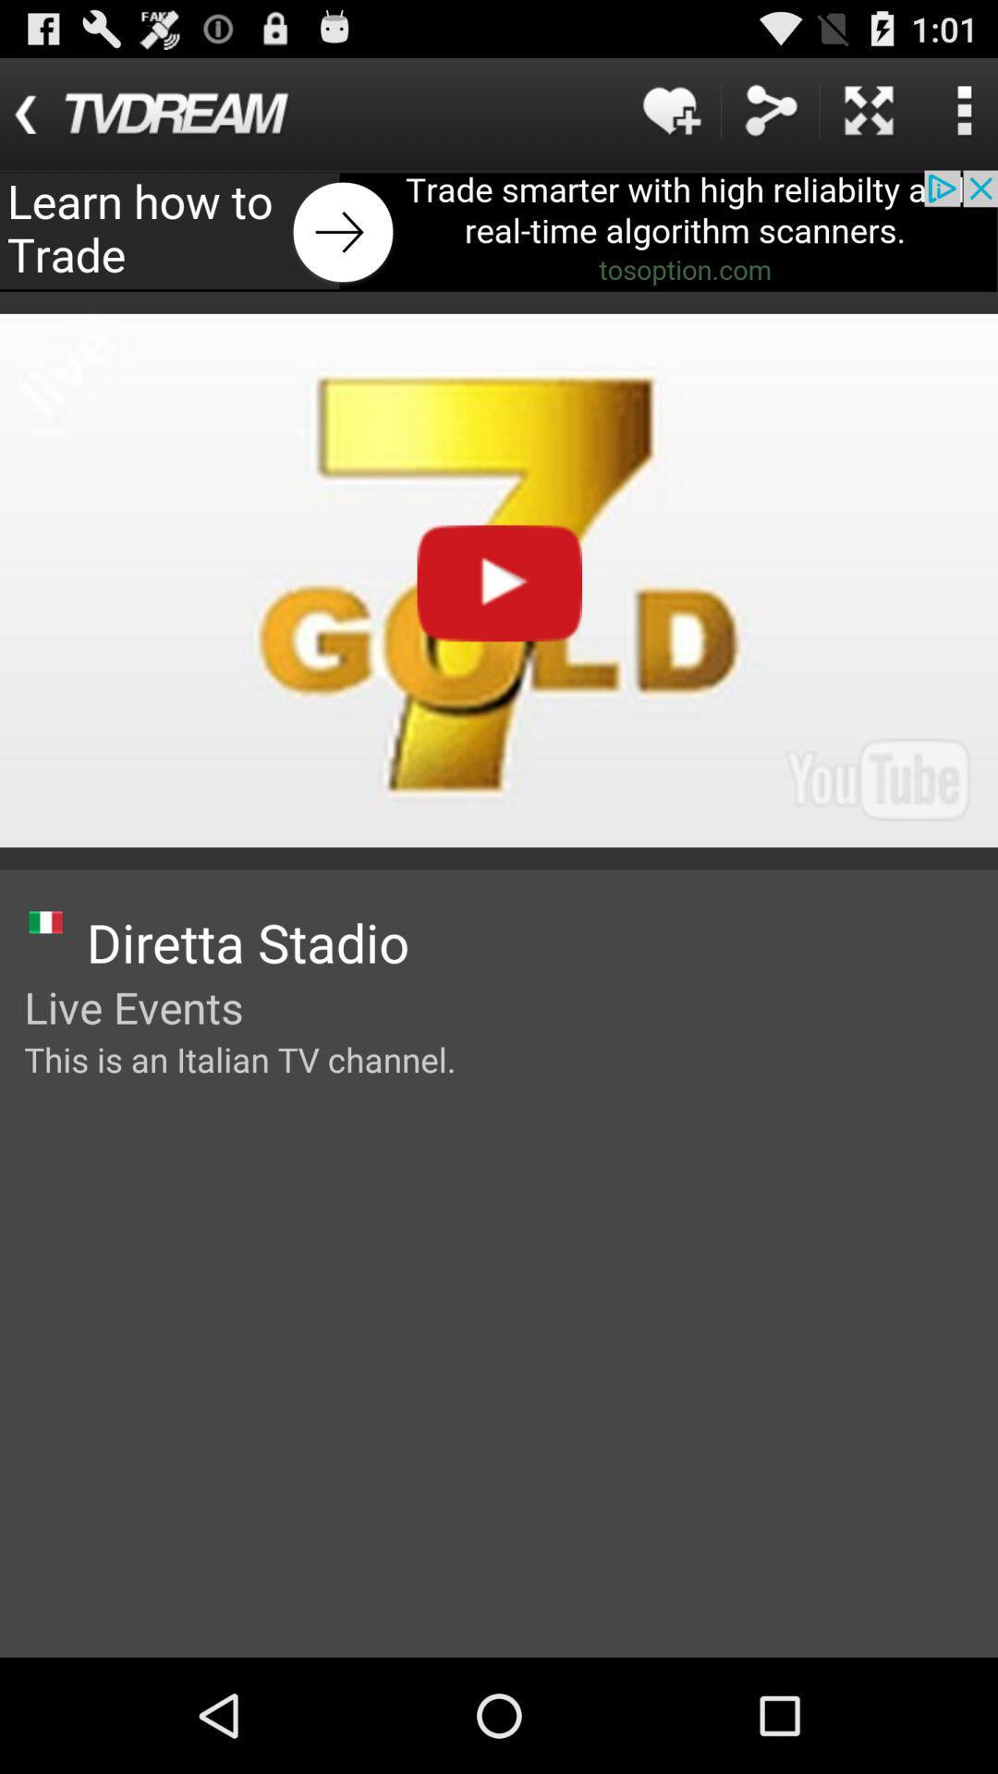 The image size is (998, 1774). I want to click on to share the video, so click(770, 109).